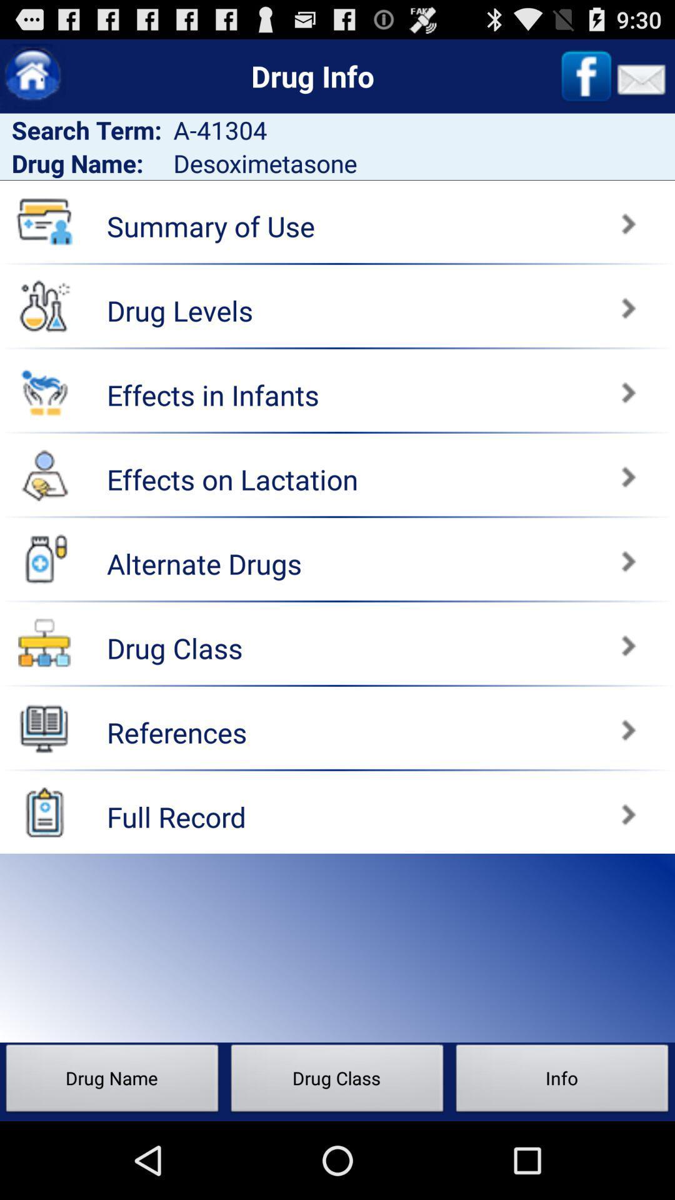 Image resolution: width=675 pixels, height=1200 pixels. Describe the element at coordinates (509, 217) in the screenshot. I see `summary` at that location.